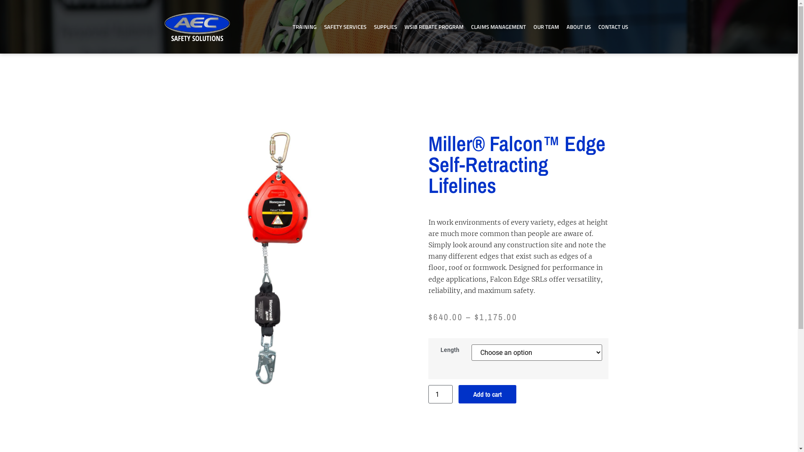 Image resolution: width=804 pixels, height=452 pixels. Describe the element at coordinates (289, 26) in the screenshot. I see `'TRAINING'` at that location.